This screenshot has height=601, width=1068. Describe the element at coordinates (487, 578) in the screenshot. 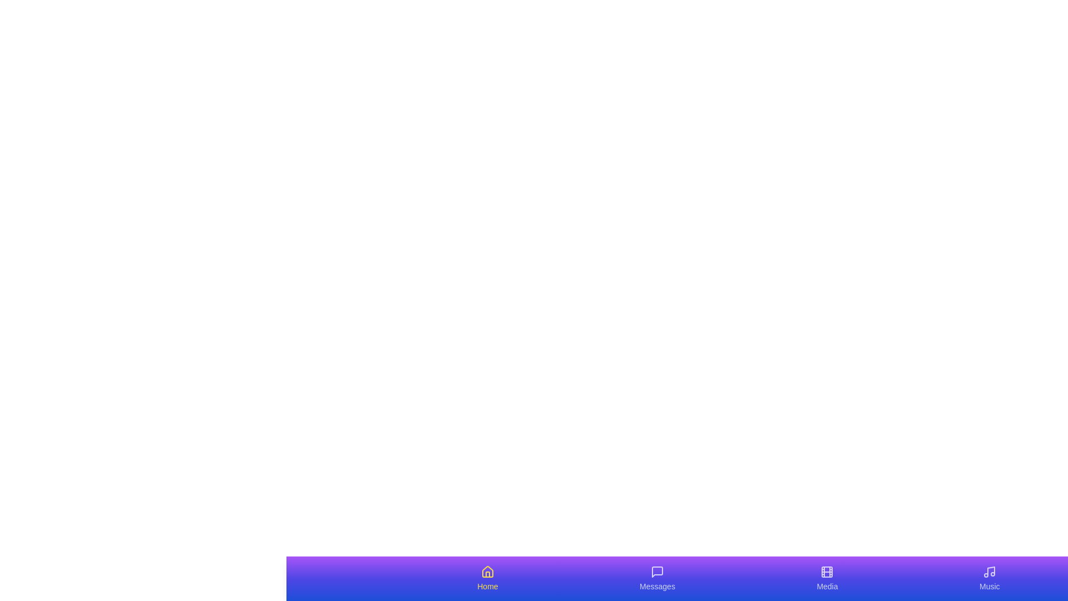

I see `the Home tab from the bottom navigation bar` at that location.